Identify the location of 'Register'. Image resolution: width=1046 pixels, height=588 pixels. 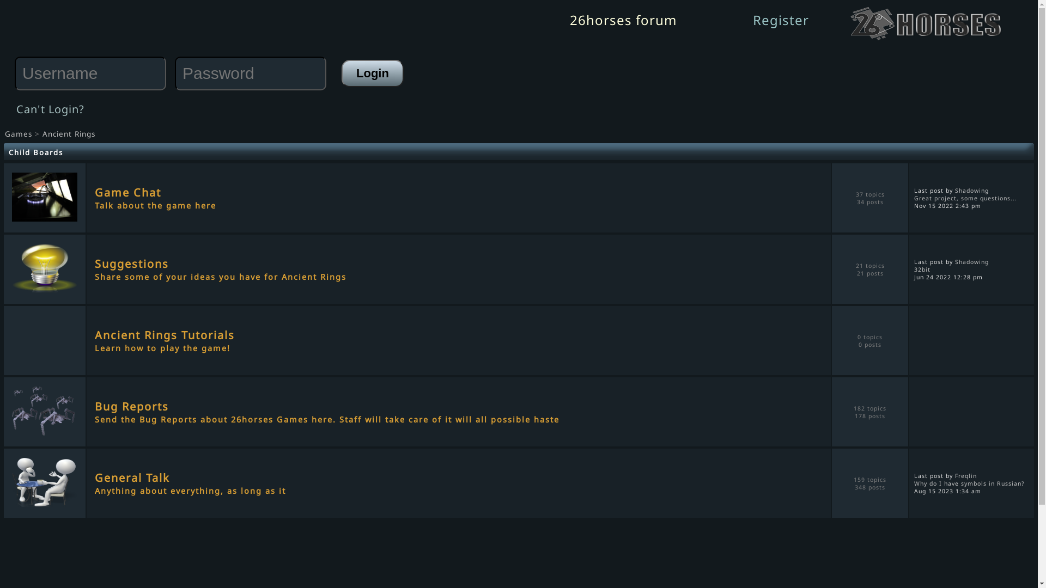
(752, 20).